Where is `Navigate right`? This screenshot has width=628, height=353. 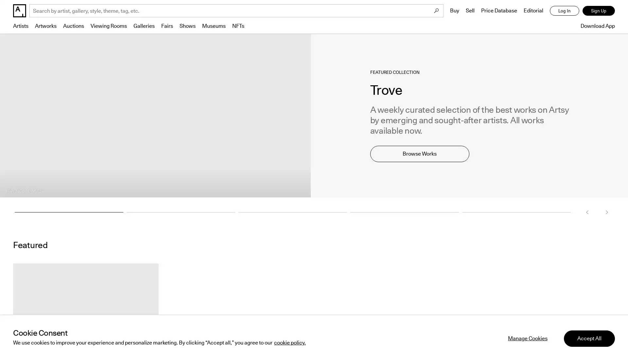
Navigate right is located at coordinates (606, 212).